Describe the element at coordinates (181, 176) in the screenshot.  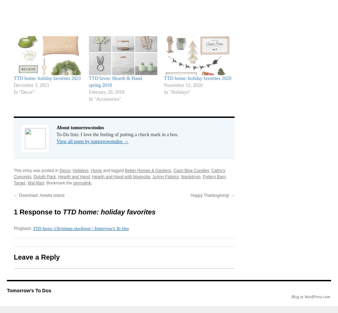
I see `'Nordstrom'` at that location.